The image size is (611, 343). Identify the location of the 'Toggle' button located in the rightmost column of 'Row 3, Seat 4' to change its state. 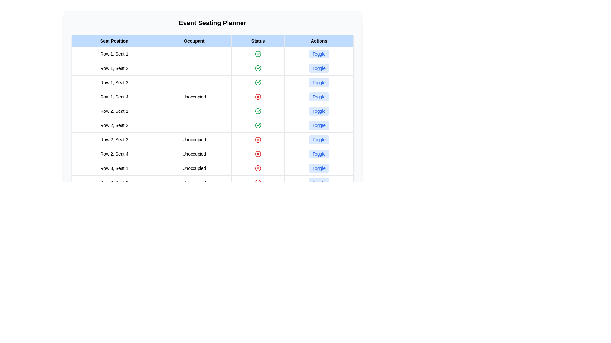
(319, 211).